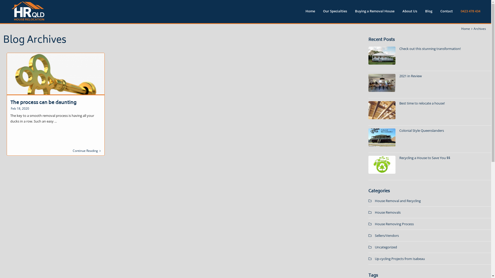 The height and width of the screenshot is (278, 495). What do you see at coordinates (387, 235) in the screenshot?
I see `'Sellers/Vendors'` at bounding box center [387, 235].